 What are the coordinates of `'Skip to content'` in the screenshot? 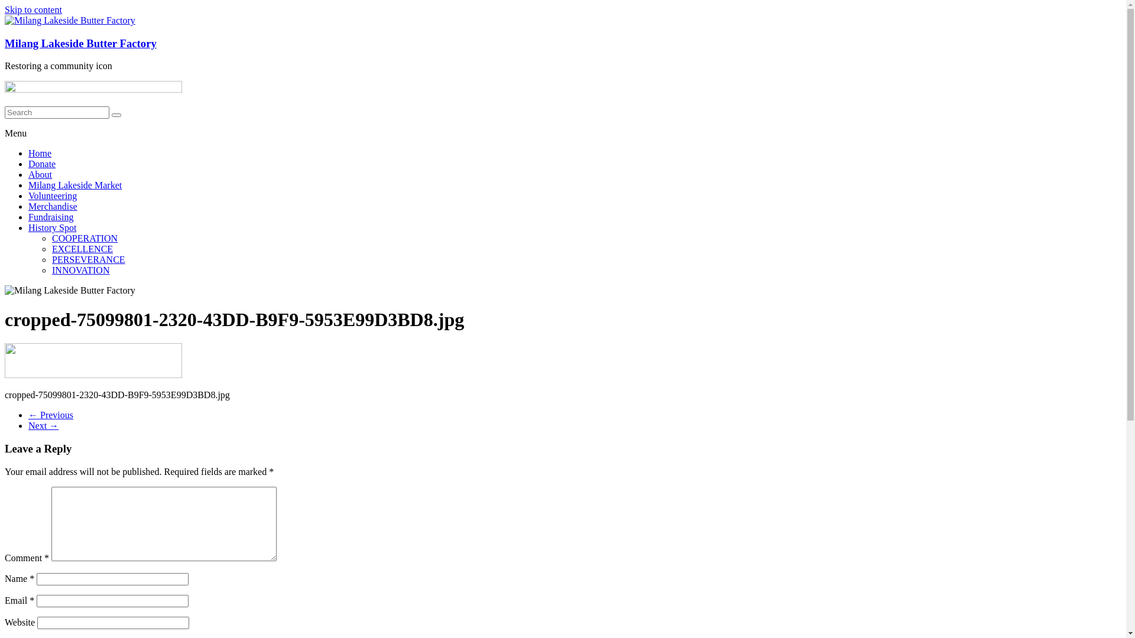 It's located at (33, 9).